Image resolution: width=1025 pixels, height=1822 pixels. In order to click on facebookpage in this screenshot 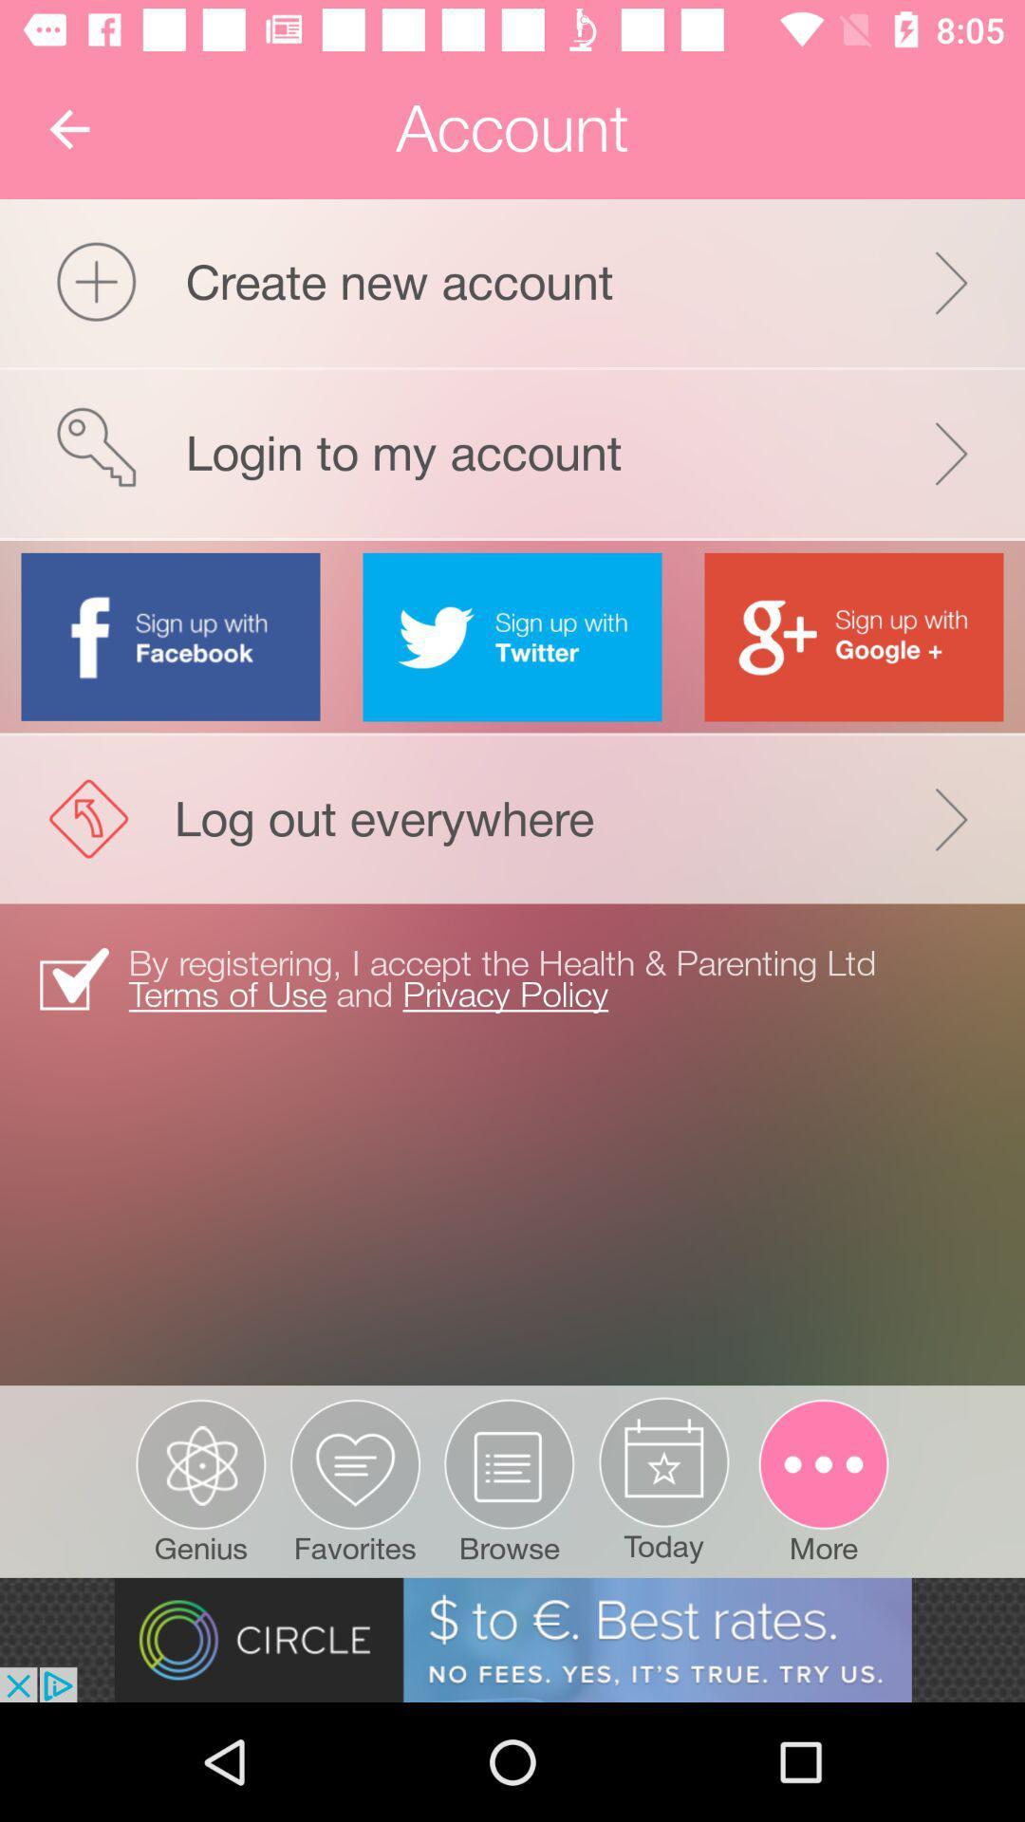, I will do `click(171, 636)`.